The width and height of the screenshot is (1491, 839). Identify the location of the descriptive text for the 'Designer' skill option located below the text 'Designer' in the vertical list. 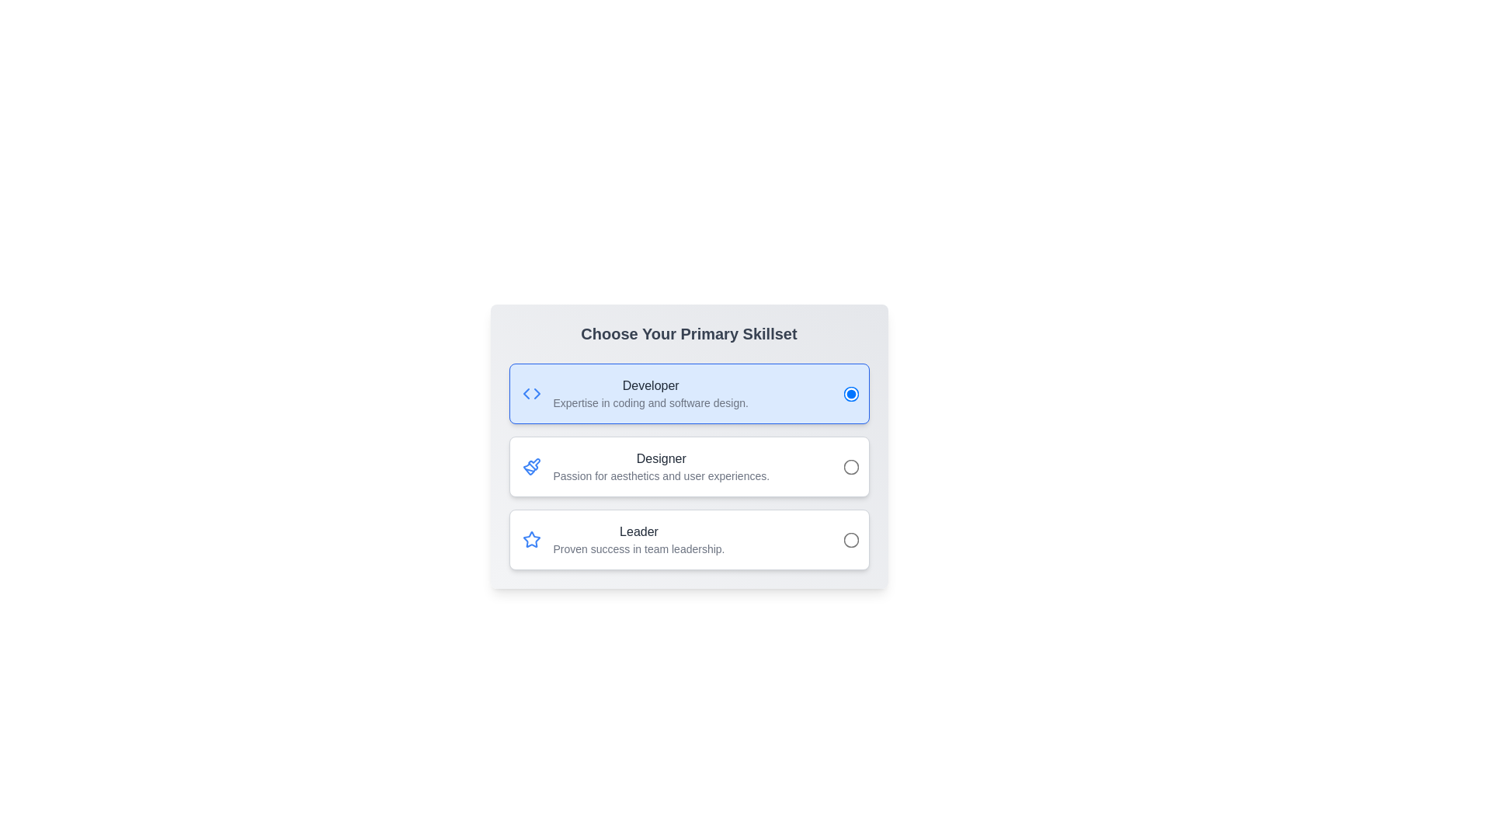
(661, 475).